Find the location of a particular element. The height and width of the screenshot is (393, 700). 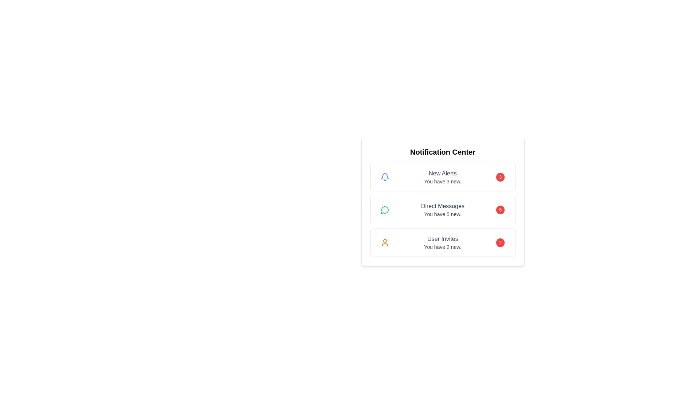

'Direct Messages' icon located in the second row of the notification center, which is the leftmost element in its row is located at coordinates (385, 210).